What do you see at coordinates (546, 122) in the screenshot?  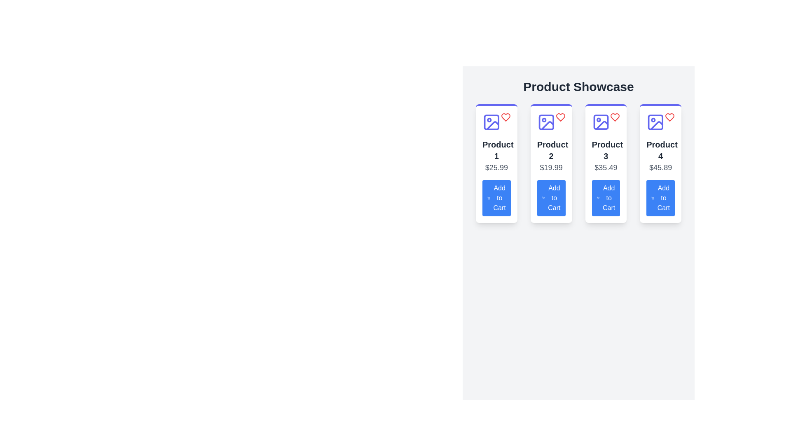 I see `the Image thumbnail icon with a purple outline located in the second product card labeled 'Product 2' in the product display interface` at bounding box center [546, 122].